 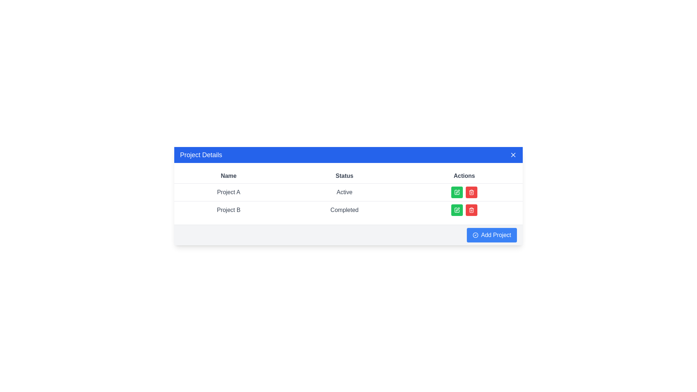 I want to click on the delete button with a trash bin icon, which has a red background and is located in the Actions column for 'Project B', so click(x=472, y=210).